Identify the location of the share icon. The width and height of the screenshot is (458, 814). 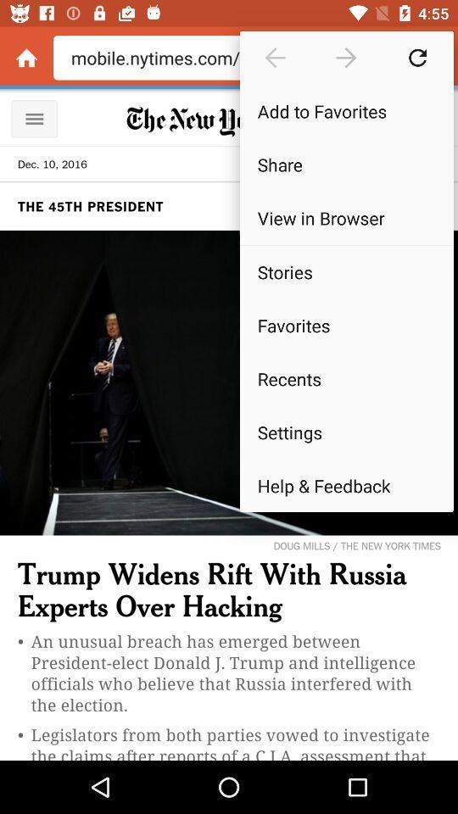
(345, 164).